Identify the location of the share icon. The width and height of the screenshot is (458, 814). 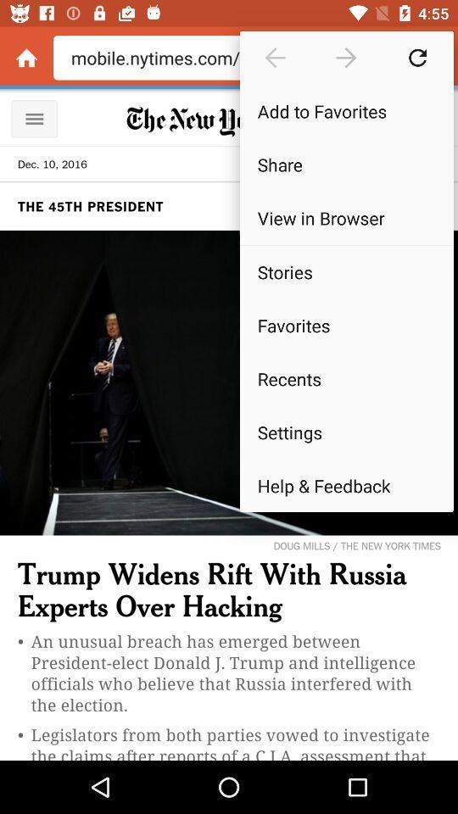
(345, 164).